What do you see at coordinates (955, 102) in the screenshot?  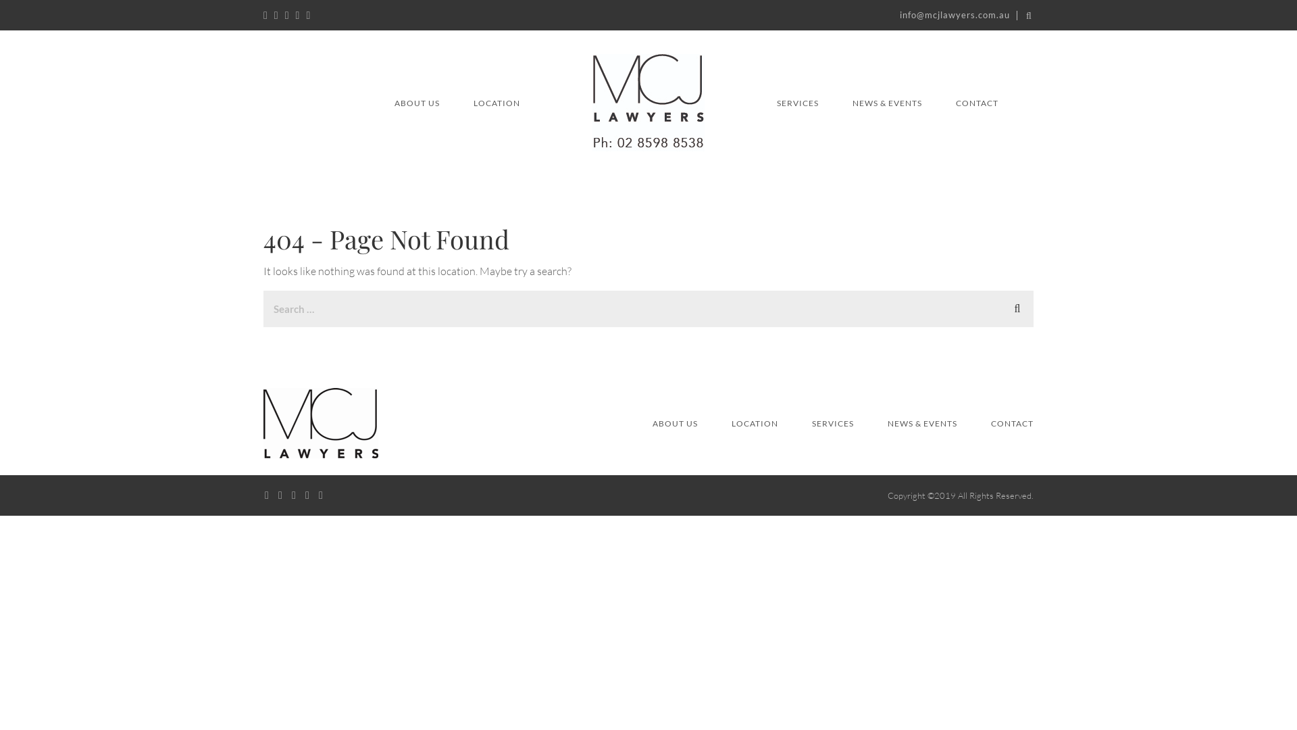 I see `'CONTACT'` at bounding box center [955, 102].